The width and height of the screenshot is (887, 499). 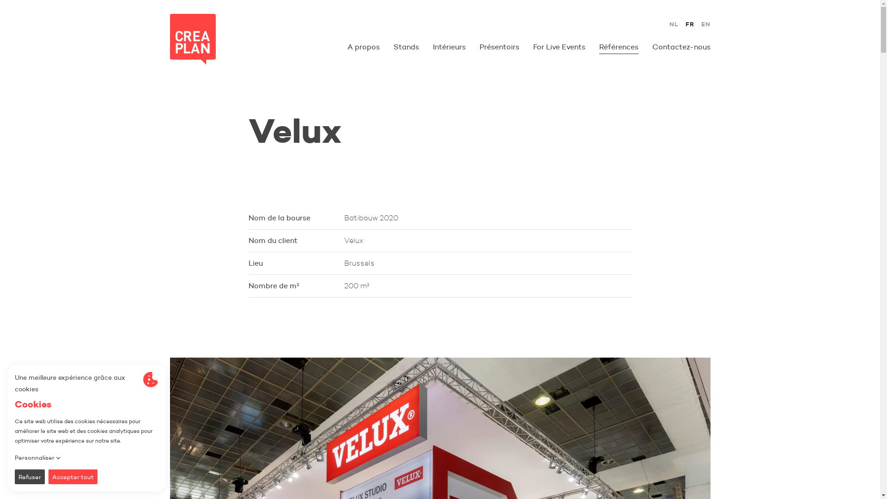 I want to click on 'FR', so click(x=685, y=24).